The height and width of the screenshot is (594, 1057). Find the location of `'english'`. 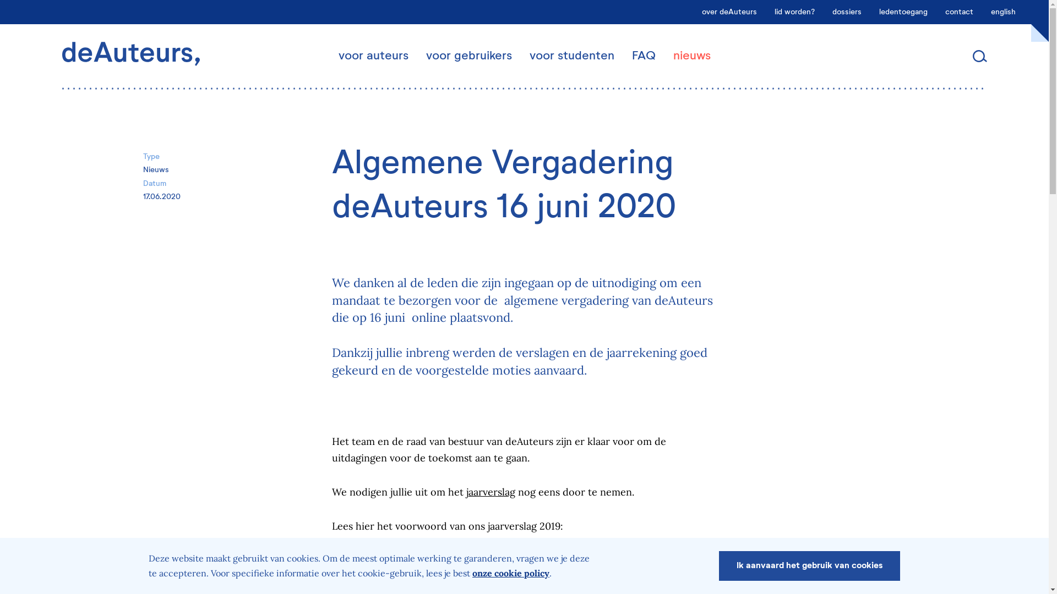

'english' is located at coordinates (1003, 12).